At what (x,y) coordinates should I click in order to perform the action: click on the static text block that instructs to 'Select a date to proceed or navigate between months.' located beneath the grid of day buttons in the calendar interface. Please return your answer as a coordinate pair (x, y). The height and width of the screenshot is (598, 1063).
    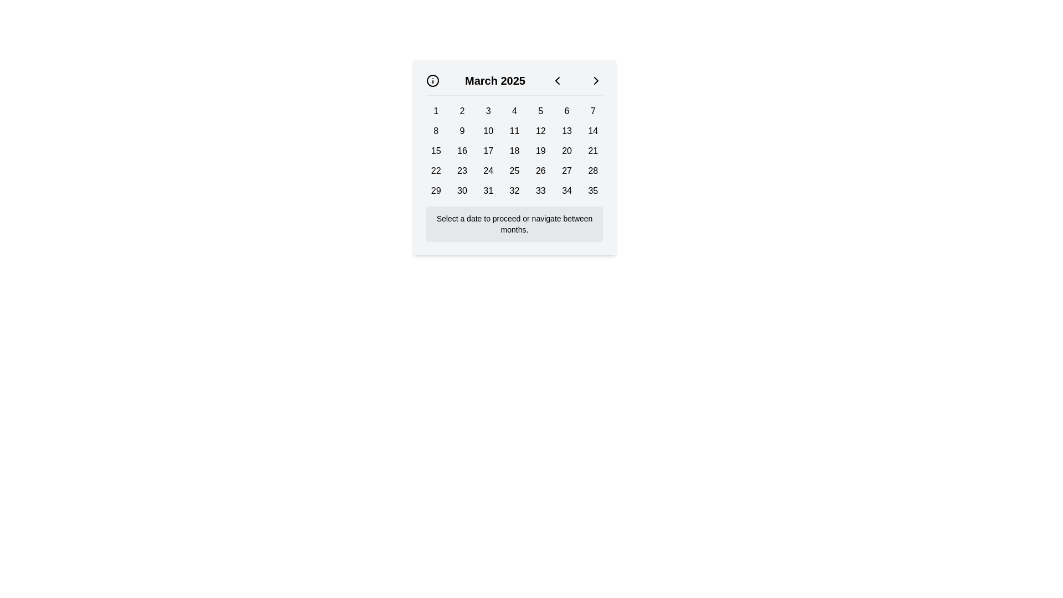
    Looking at the image, I should click on (514, 224).